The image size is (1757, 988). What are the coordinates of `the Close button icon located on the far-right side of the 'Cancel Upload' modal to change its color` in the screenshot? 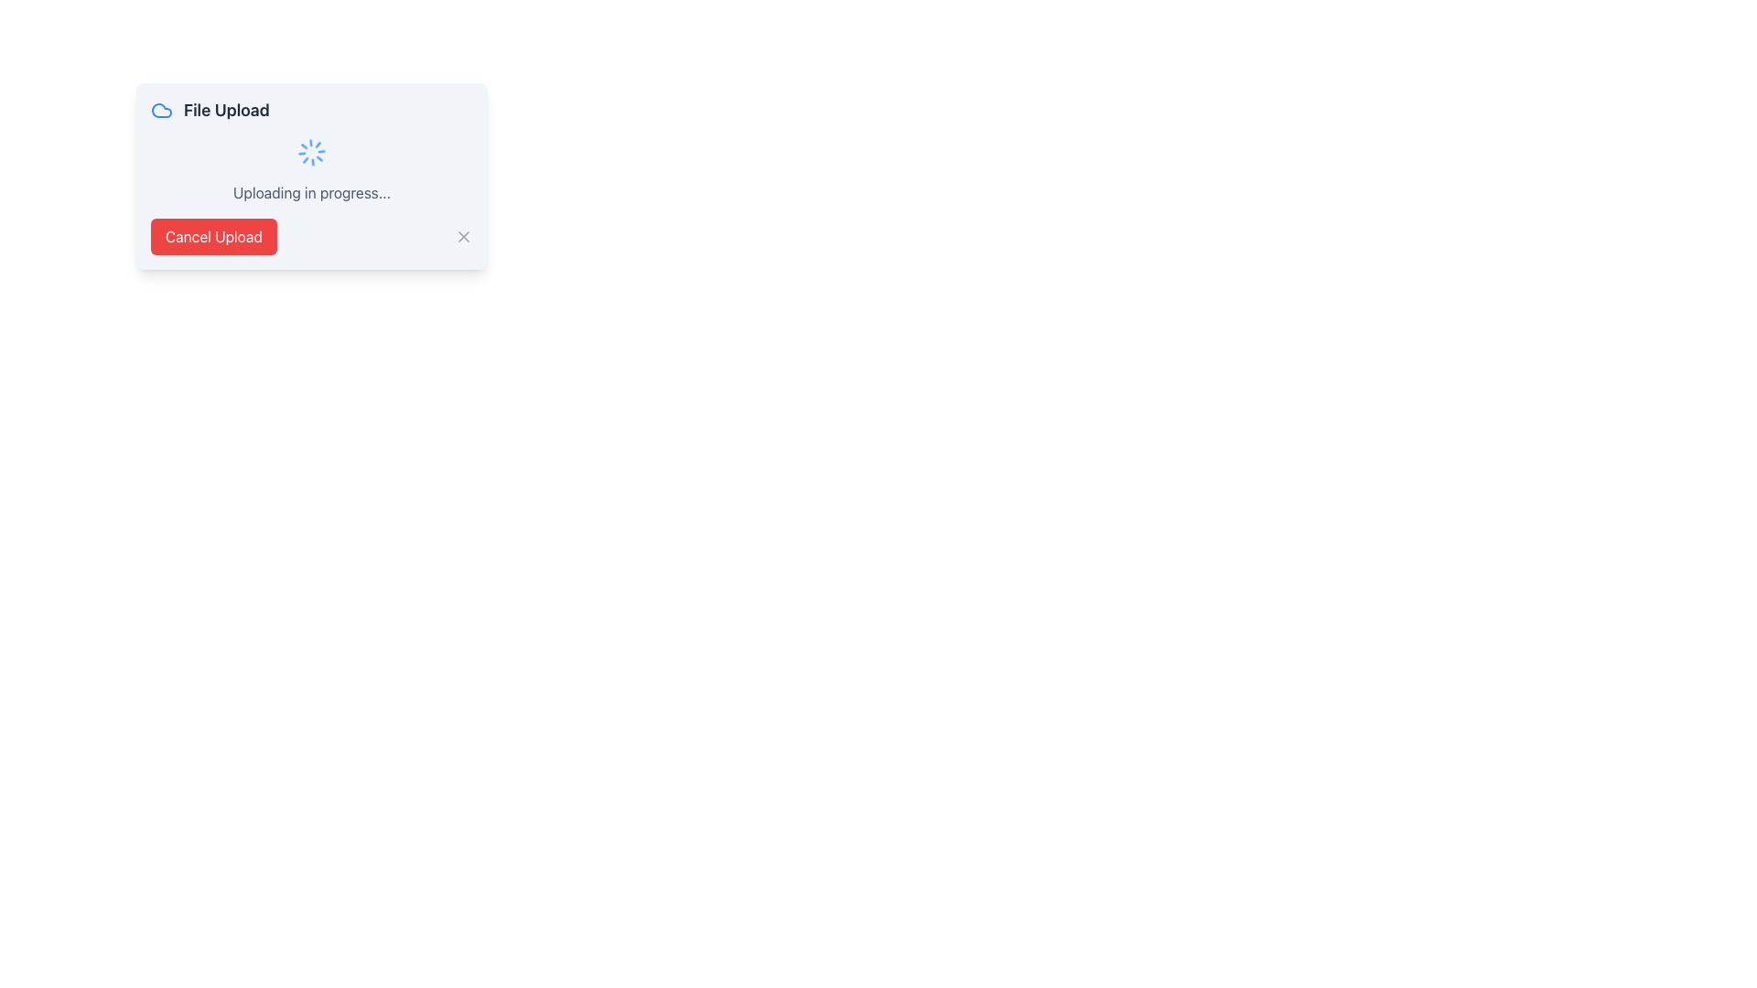 It's located at (464, 235).